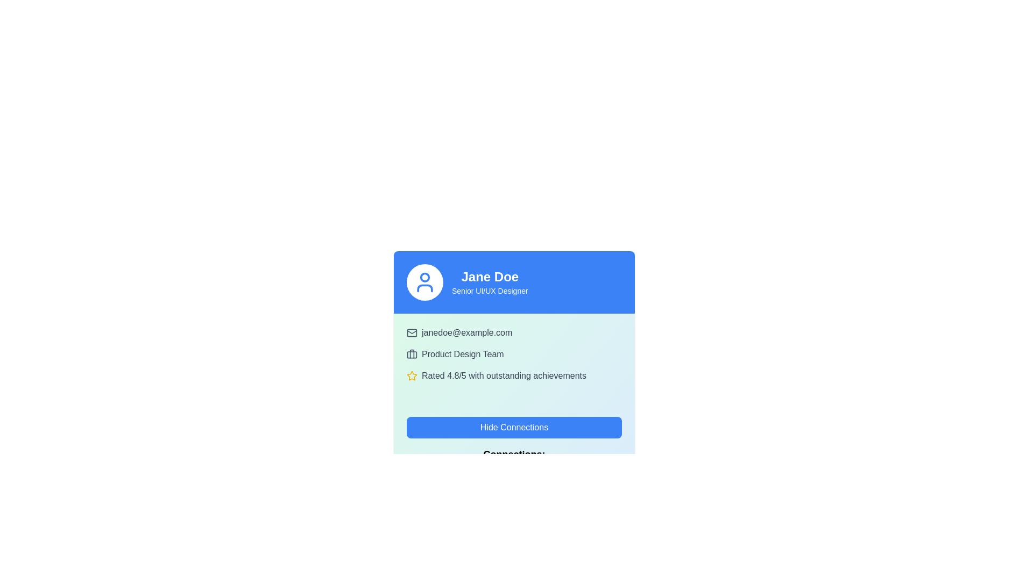  What do you see at coordinates (489, 290) in the screenshot?
I see `the descriptive label positioned immediately below 'Jane Doe', which provides additional information about her role or title` at bounding box center [489, 290].